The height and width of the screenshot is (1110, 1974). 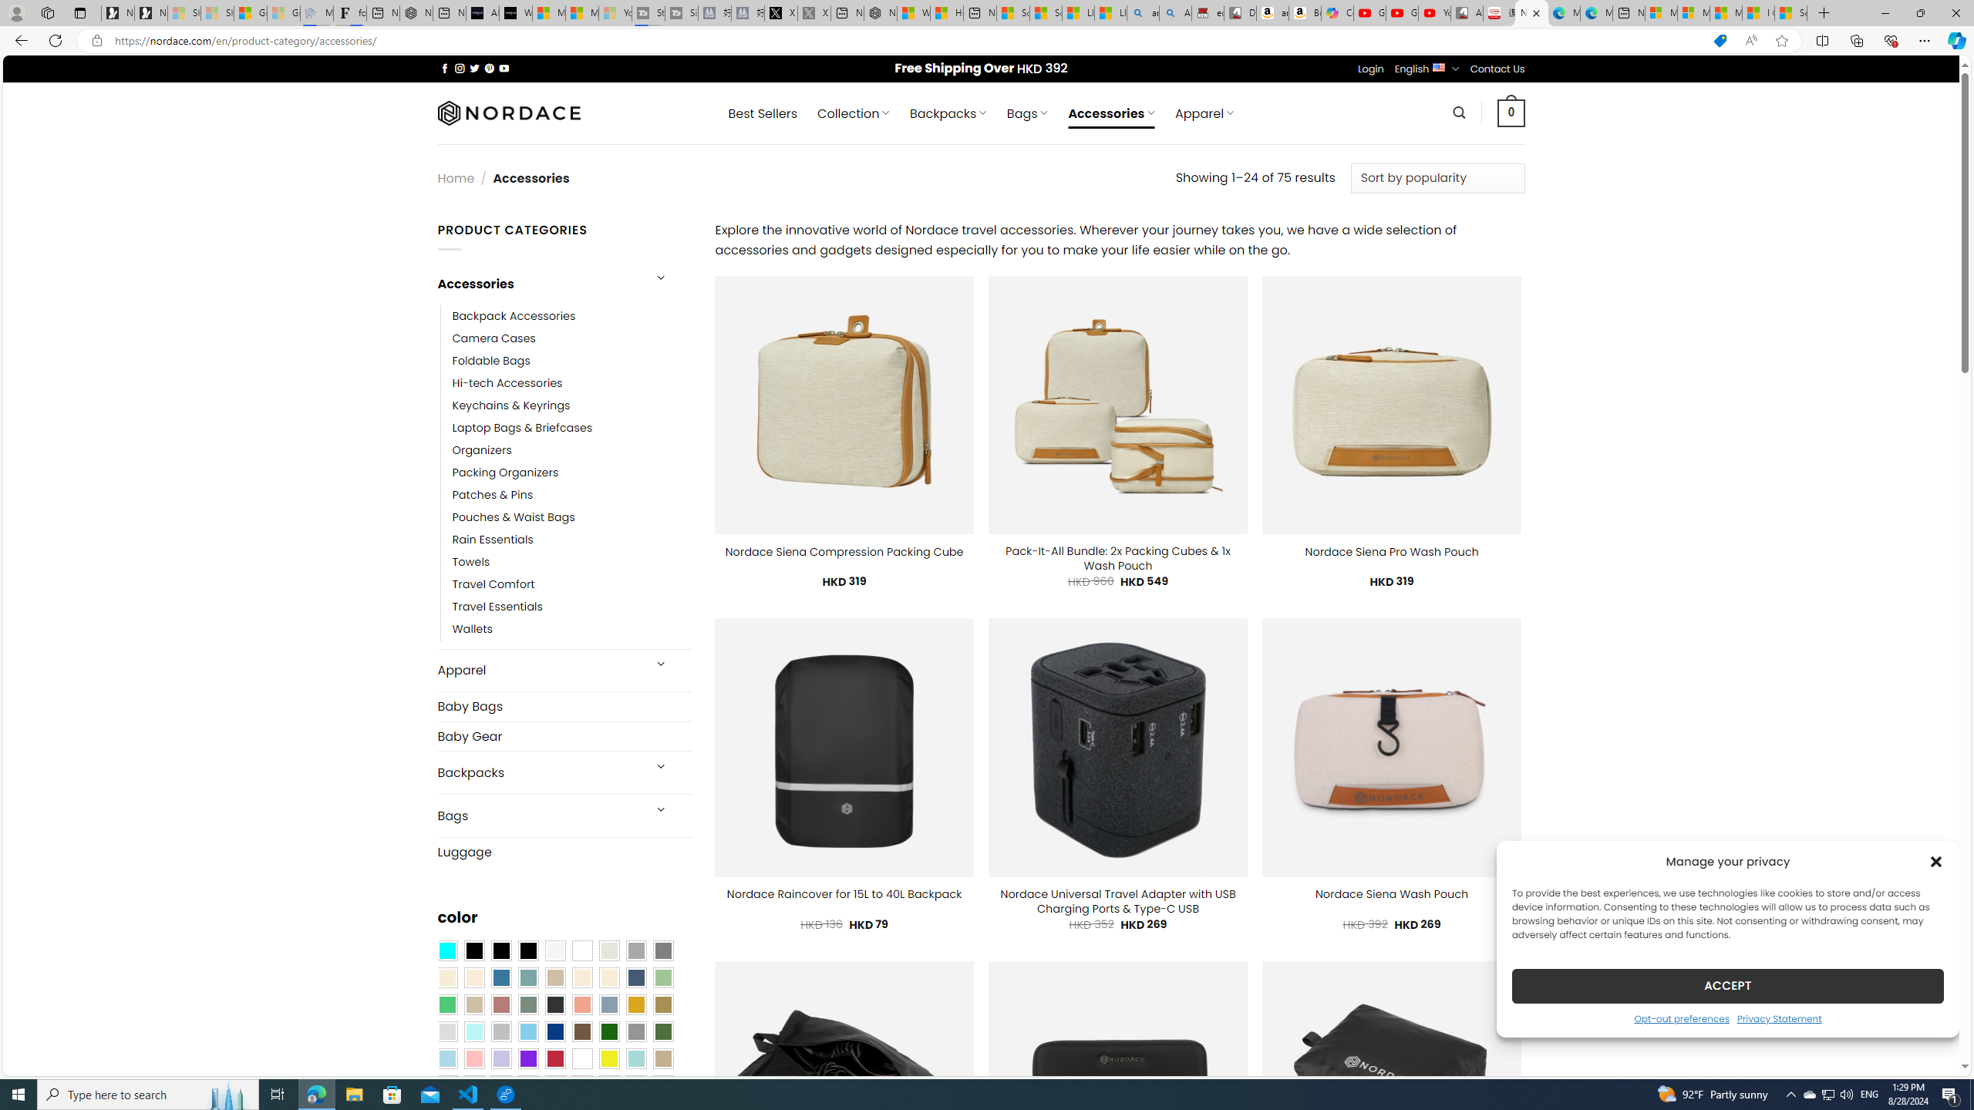 I want to click on 'Packing Organizers', so click(x=571, y=473).